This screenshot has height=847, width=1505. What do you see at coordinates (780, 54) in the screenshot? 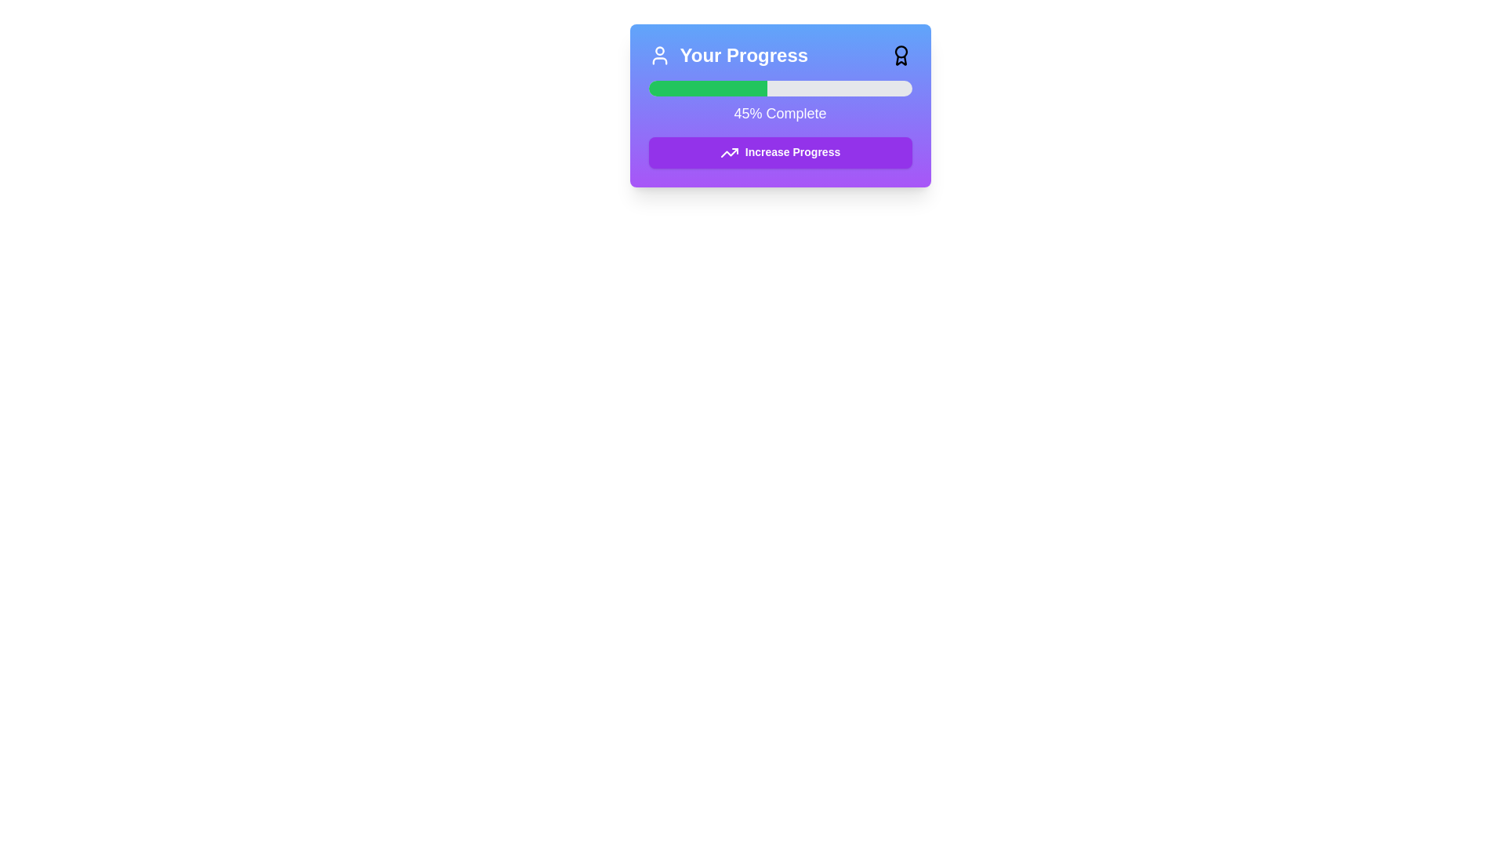
I see `the 'Your Progress' label, which is styled with a larger bold font and positioned between a user profile icon and an award icon at the top of the card-like box` at bounding box center [780, 54].